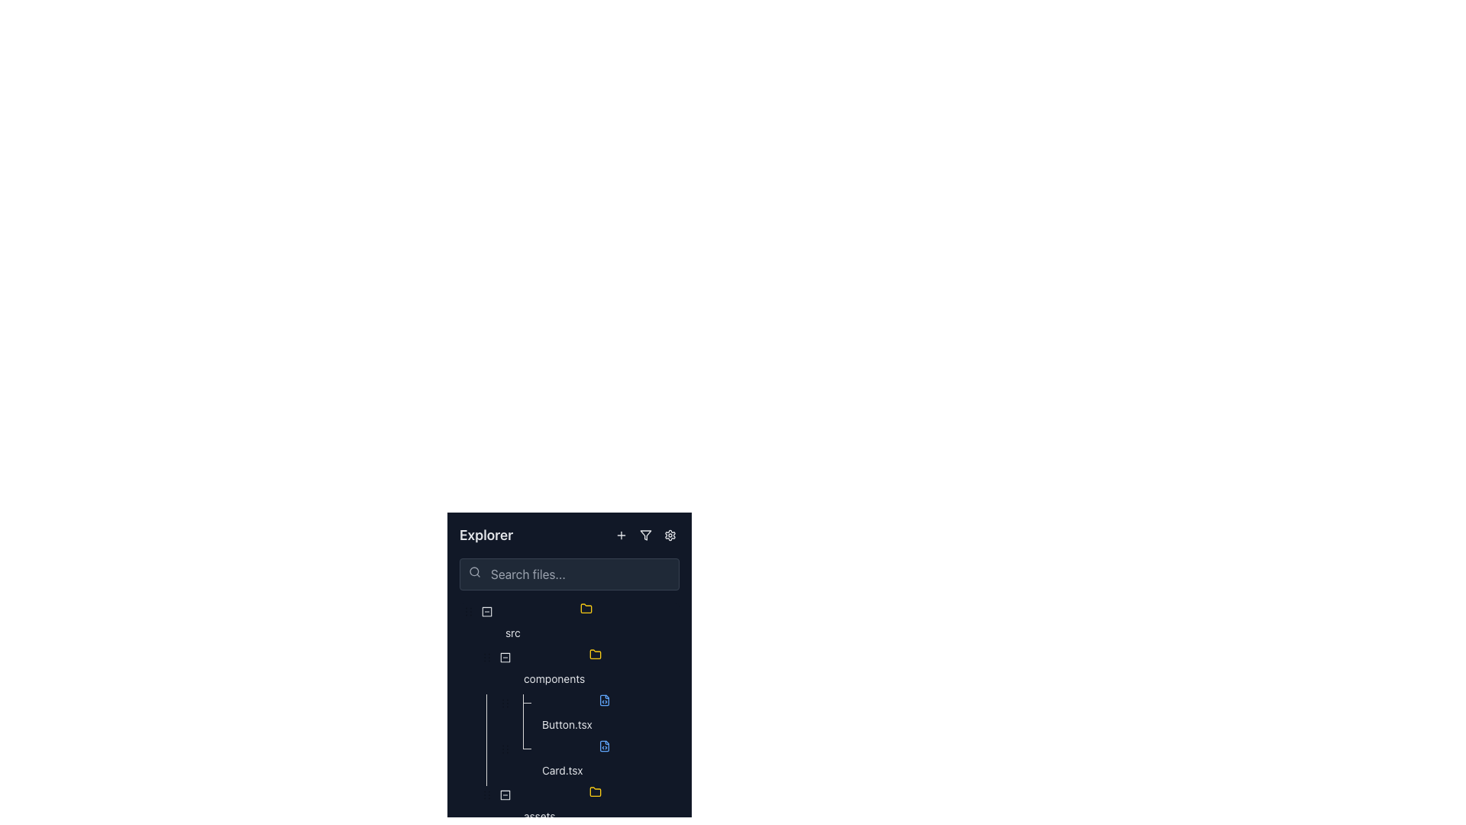  What do you see at coordinates (505, 748) in the screenshot?
I see `the small, circular graphical node located in the vertical hierarchical structure of the interface, positioned below the 'Button.tsx' node and above the 'Card.tsx' node within the 'components' folder` at bounding box center [505, 748].